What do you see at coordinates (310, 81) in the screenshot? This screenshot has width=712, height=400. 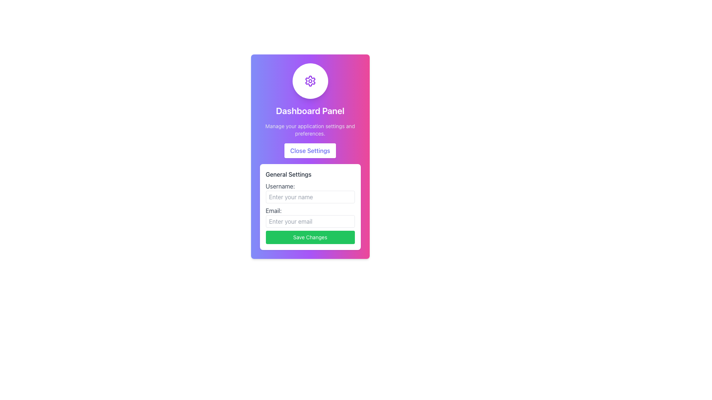 I see `the purple gear-shaped icon within the circular white button at the top of the colorful panel` at bounding box center [310, 81].